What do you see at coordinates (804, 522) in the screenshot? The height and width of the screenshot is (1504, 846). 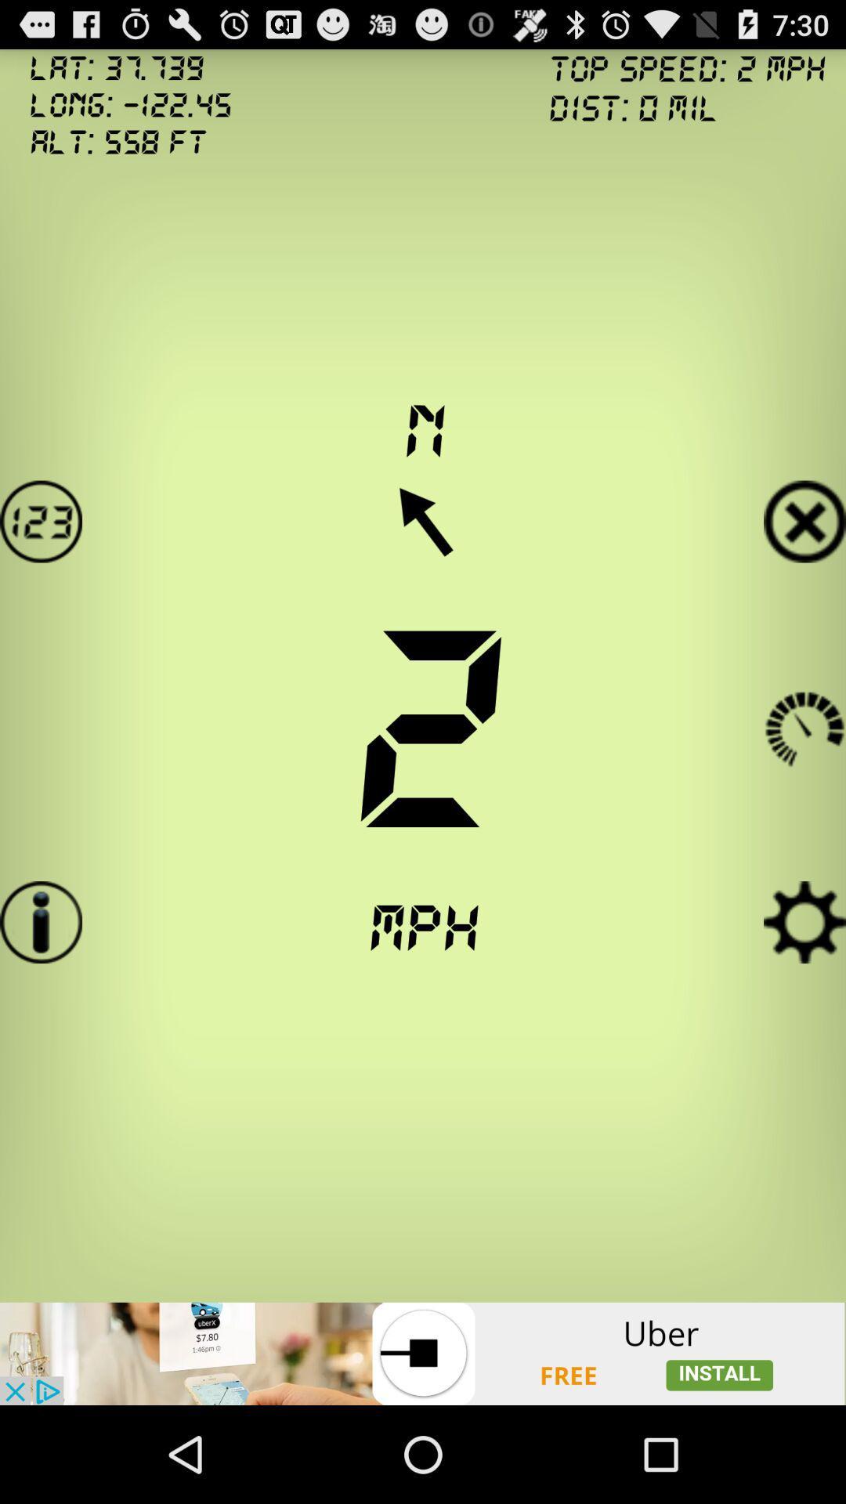 I see `exit button` at bounding box center [804, 522].